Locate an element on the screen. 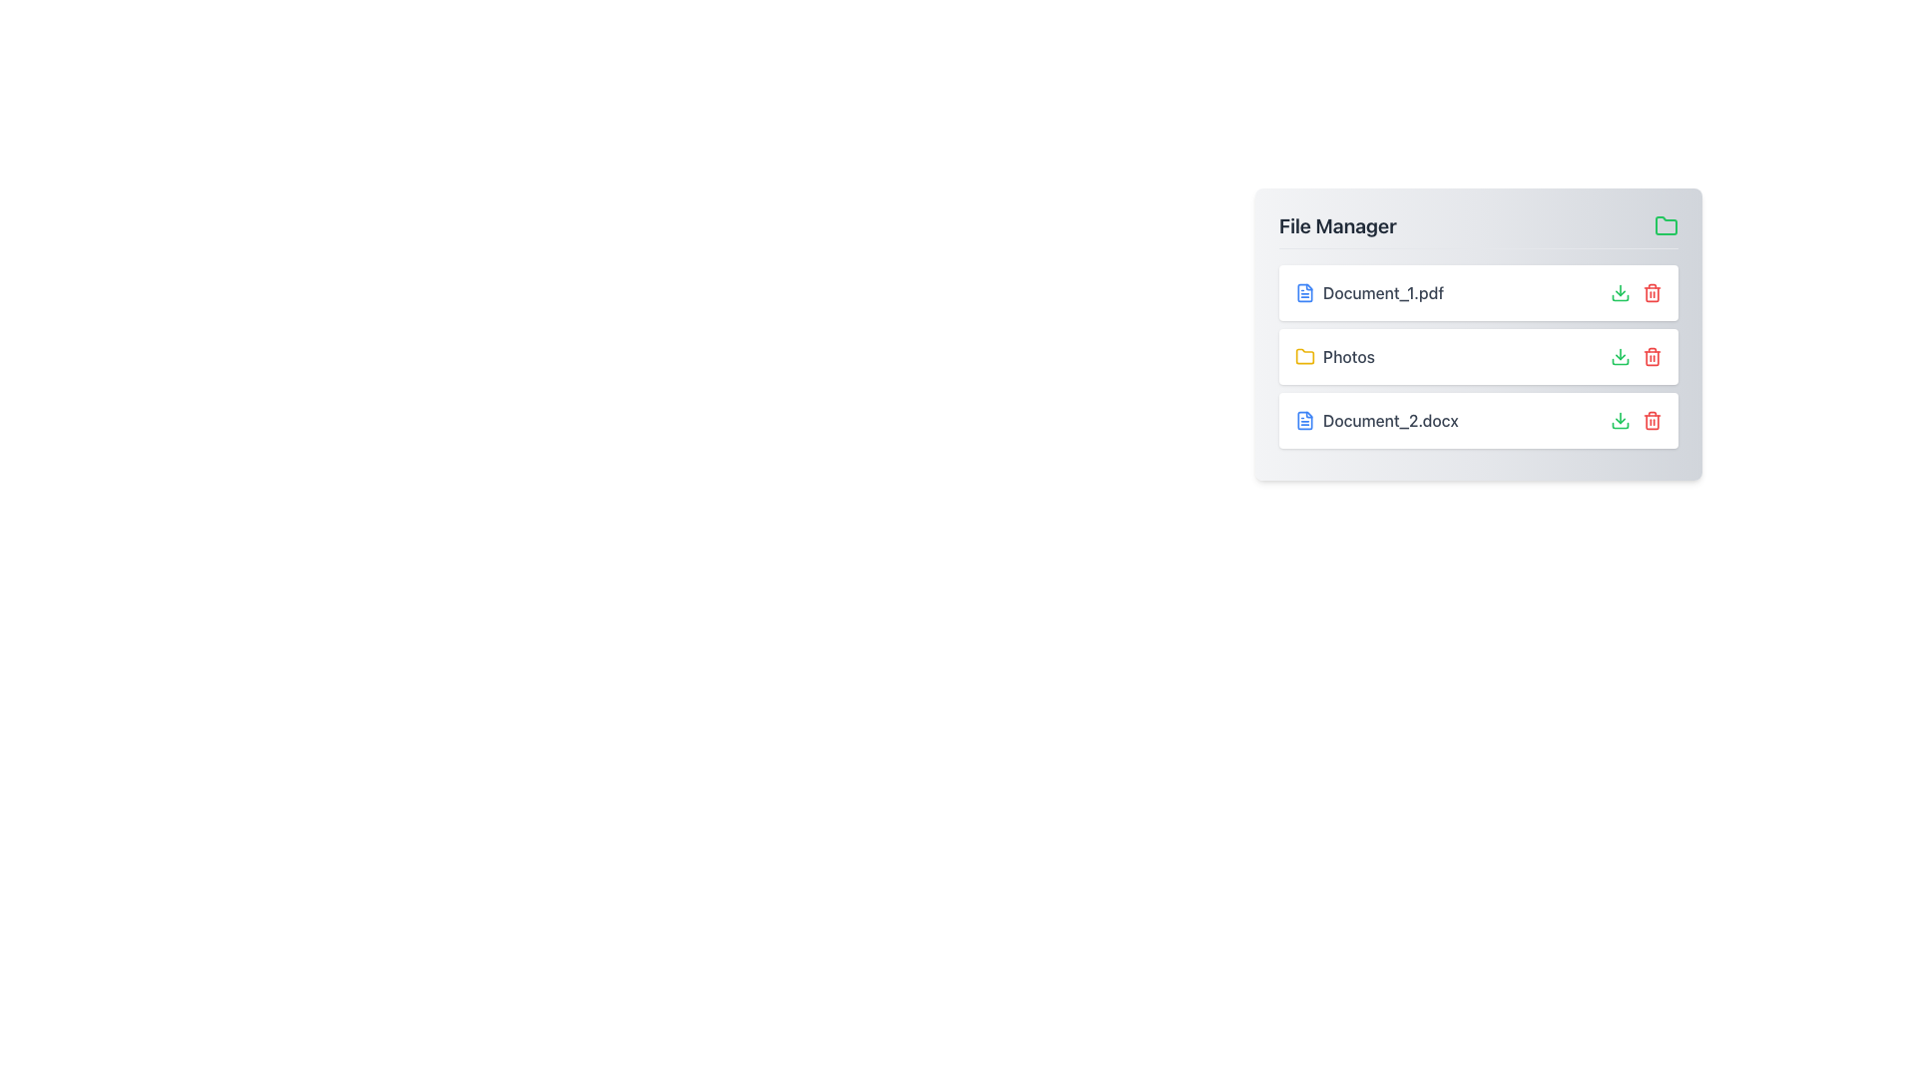 This screenshot has width=1916, height=1077. the green download icon located to the right of 'Document_1.pdf' in the 'File Manager' section is located at coordinates (1620, 292).